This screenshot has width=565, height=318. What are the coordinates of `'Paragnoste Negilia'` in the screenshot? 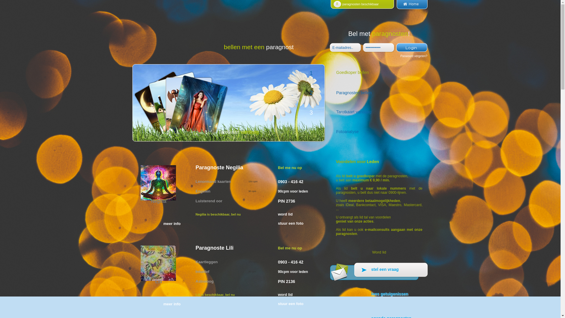 It's located at (195, 168).